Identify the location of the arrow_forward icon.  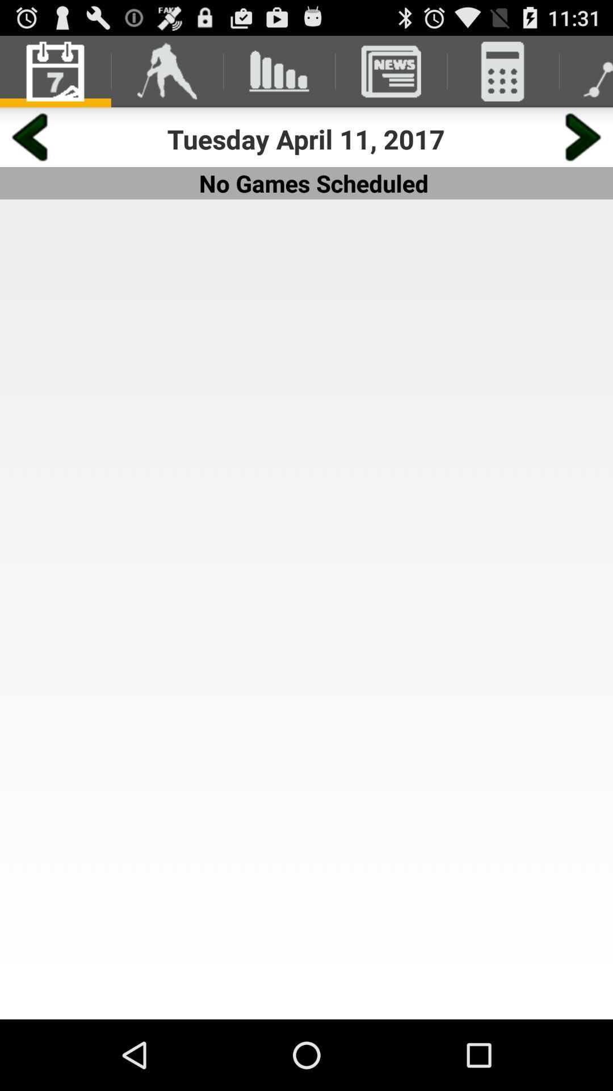
(583, 146).